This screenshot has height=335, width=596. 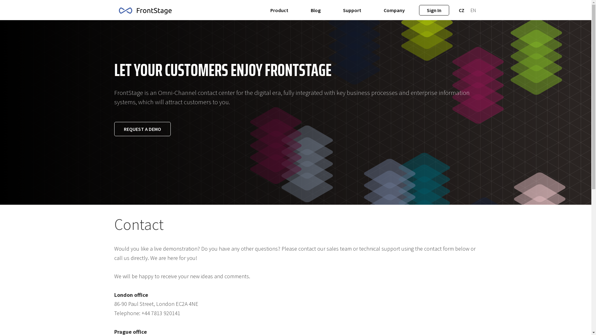 I want to click on 'CZ', so click(x=462, y=10).